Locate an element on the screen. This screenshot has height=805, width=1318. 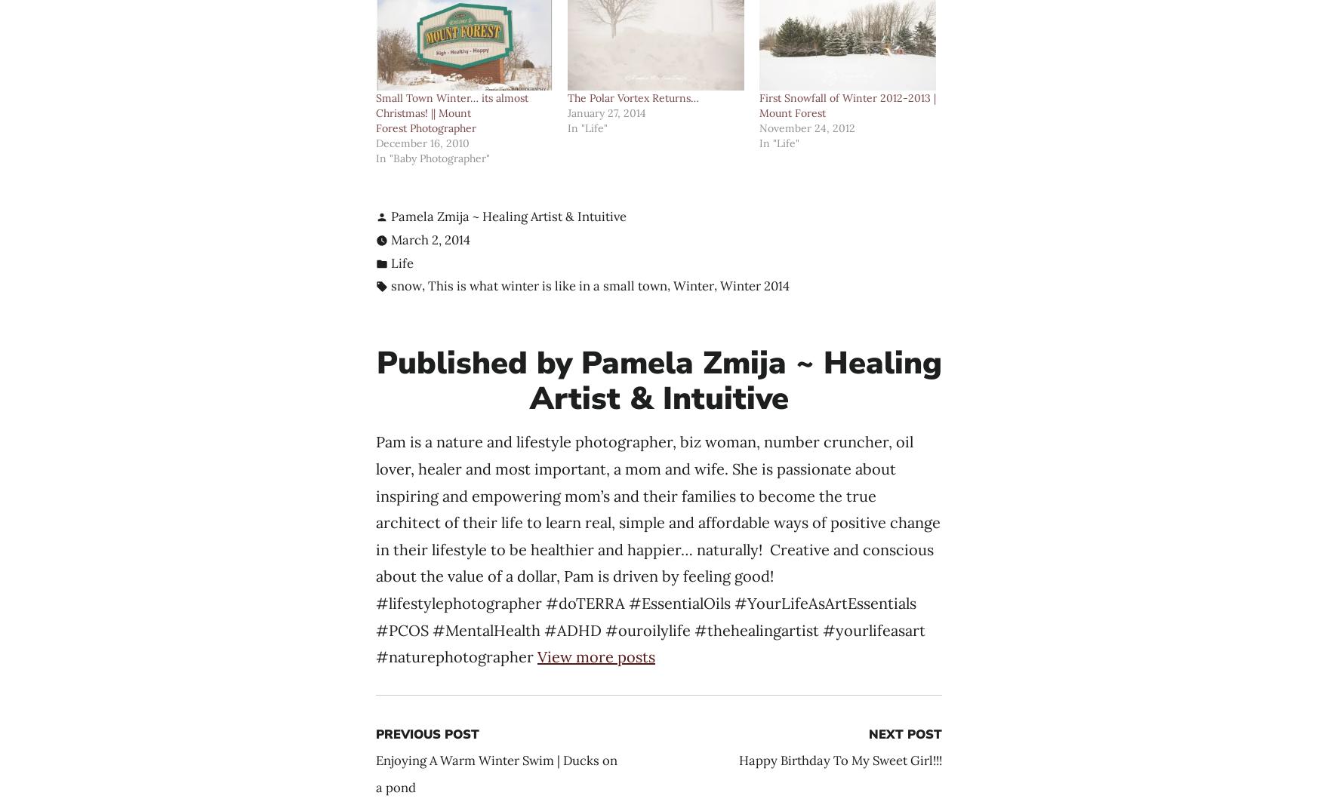
'Enjoying A Warm Winter Swim | Ducks on a pond' is located at coordinates (497, 773).